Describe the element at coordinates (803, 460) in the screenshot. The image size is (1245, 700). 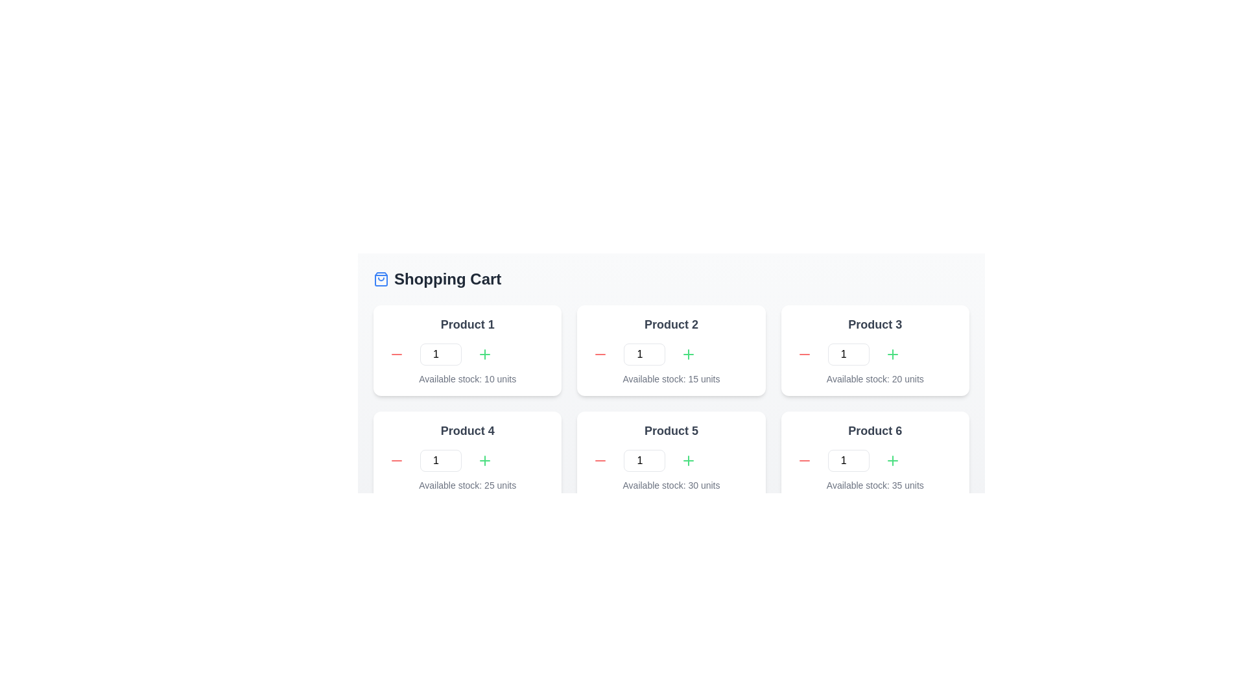
I see `the decrement button for adjusting the quantity in the cart interface` at that location.